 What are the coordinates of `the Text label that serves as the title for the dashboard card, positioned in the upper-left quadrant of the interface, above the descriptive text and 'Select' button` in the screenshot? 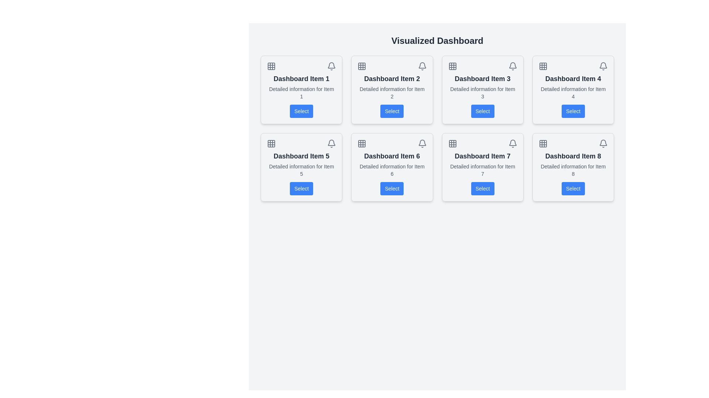 It's located at (301, 78).